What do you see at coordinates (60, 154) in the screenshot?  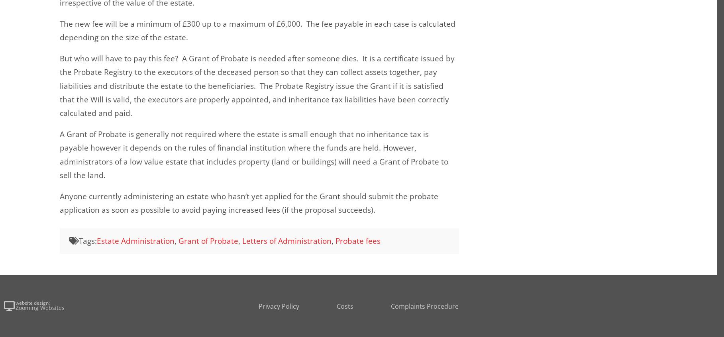 I see `'A
Grant of Probate is generally not required where the estate is small enough
that no inheritance tax is payable however it depends on the rules of financial
institution where the funds are held. However, administrators of a low value
estate that includes property (land or buildings) will need a Grant of Probate
to sell the land.'` at bounding box center [60, 154].